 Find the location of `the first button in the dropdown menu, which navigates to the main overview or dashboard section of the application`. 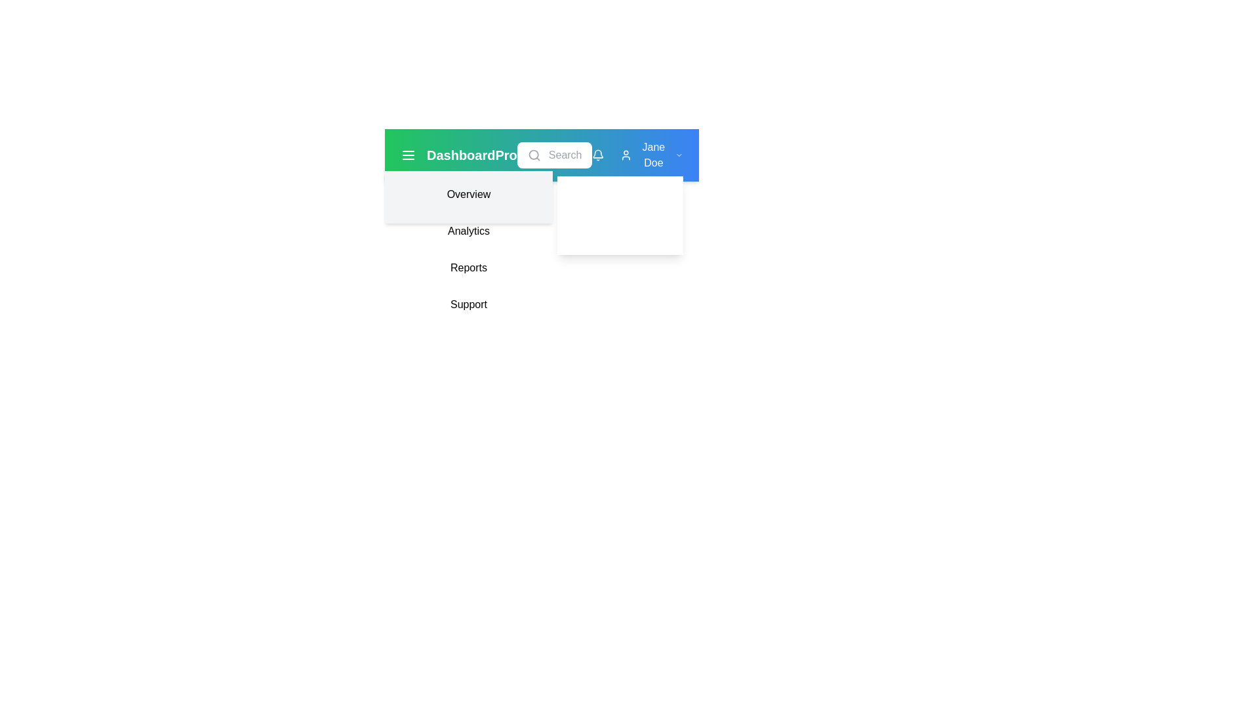

the first button in the dropdown menu, which navigates to the main overview or dashboard section of the application is located at coordinates (469, 195).